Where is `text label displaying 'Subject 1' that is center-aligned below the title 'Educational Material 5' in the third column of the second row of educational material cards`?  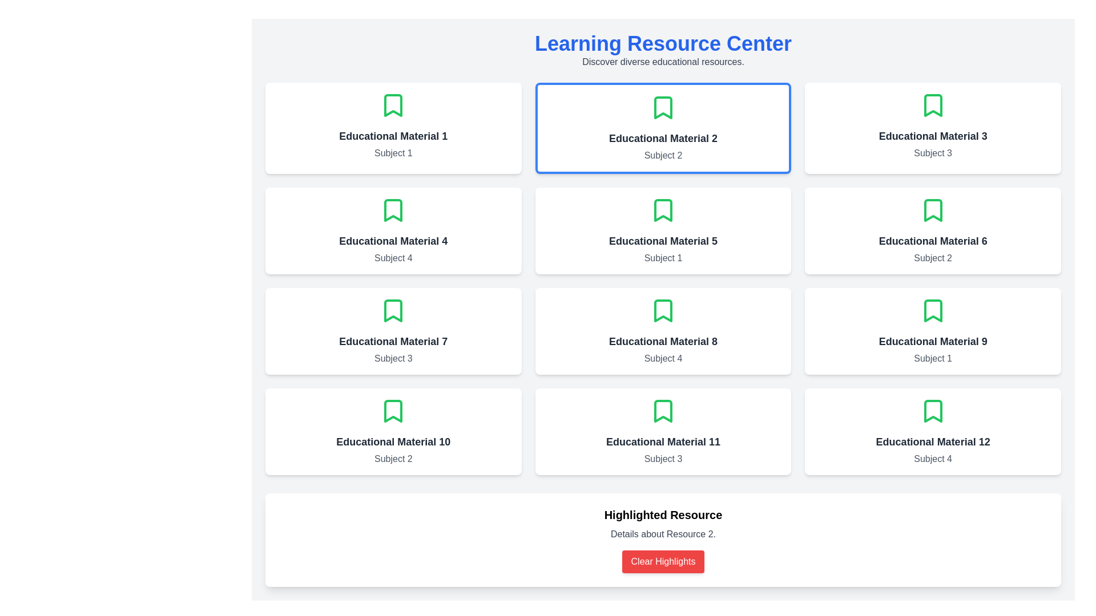
text label displaying 'Subject 1' that is center-aligned below the title 'Educational Material 5' in the third column of the second row of educational material cards is located at coordinates (663, 258).